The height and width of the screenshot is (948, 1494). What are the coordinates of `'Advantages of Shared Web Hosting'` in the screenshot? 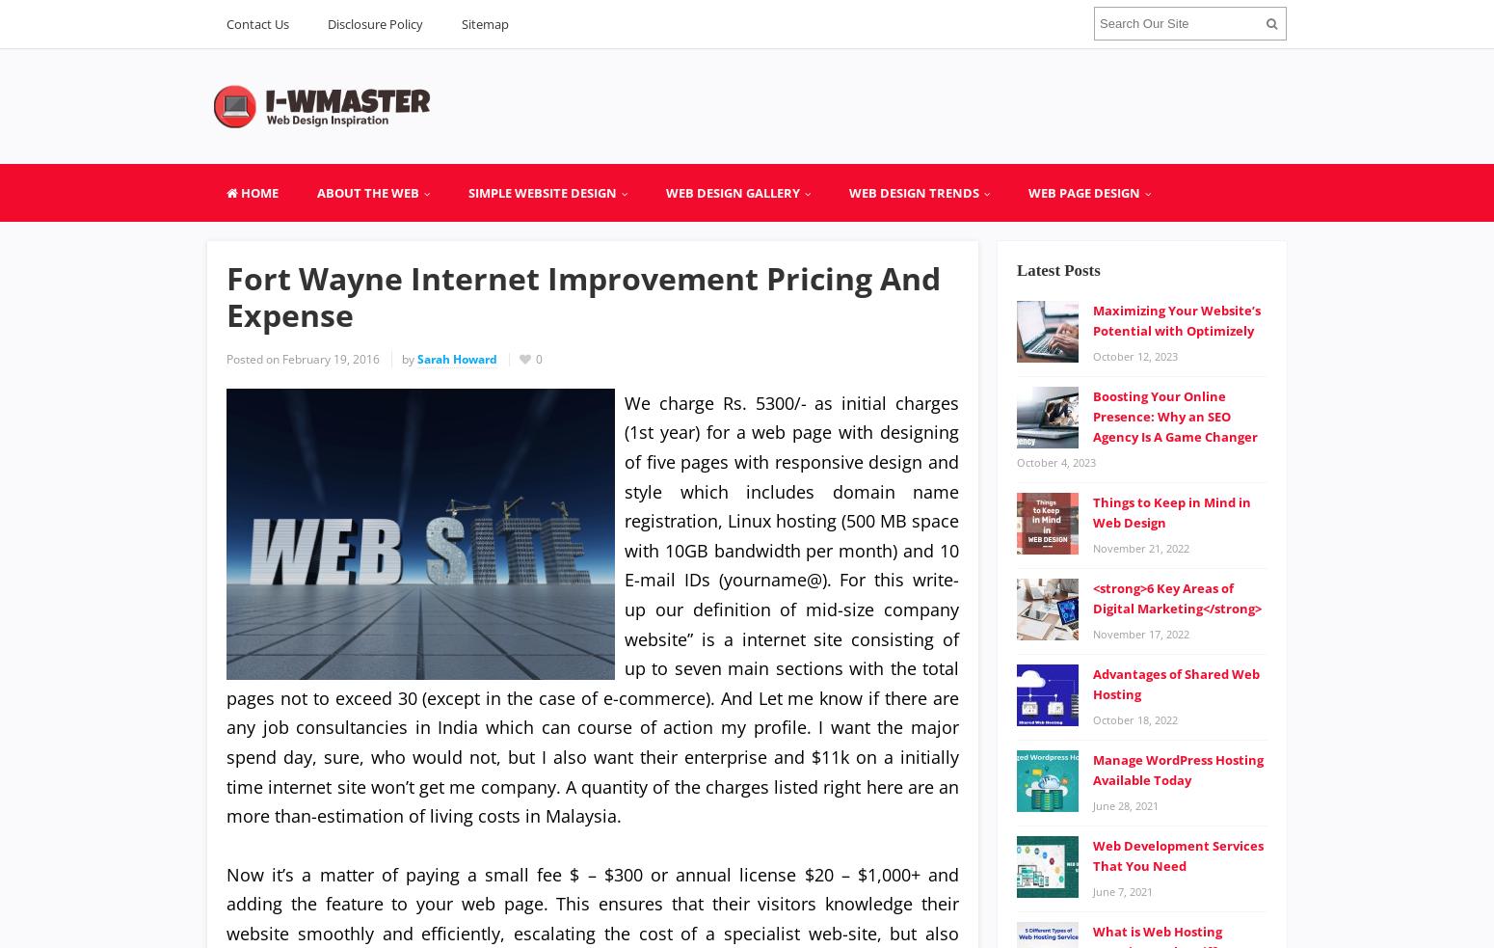 It's located at (1176, 682).